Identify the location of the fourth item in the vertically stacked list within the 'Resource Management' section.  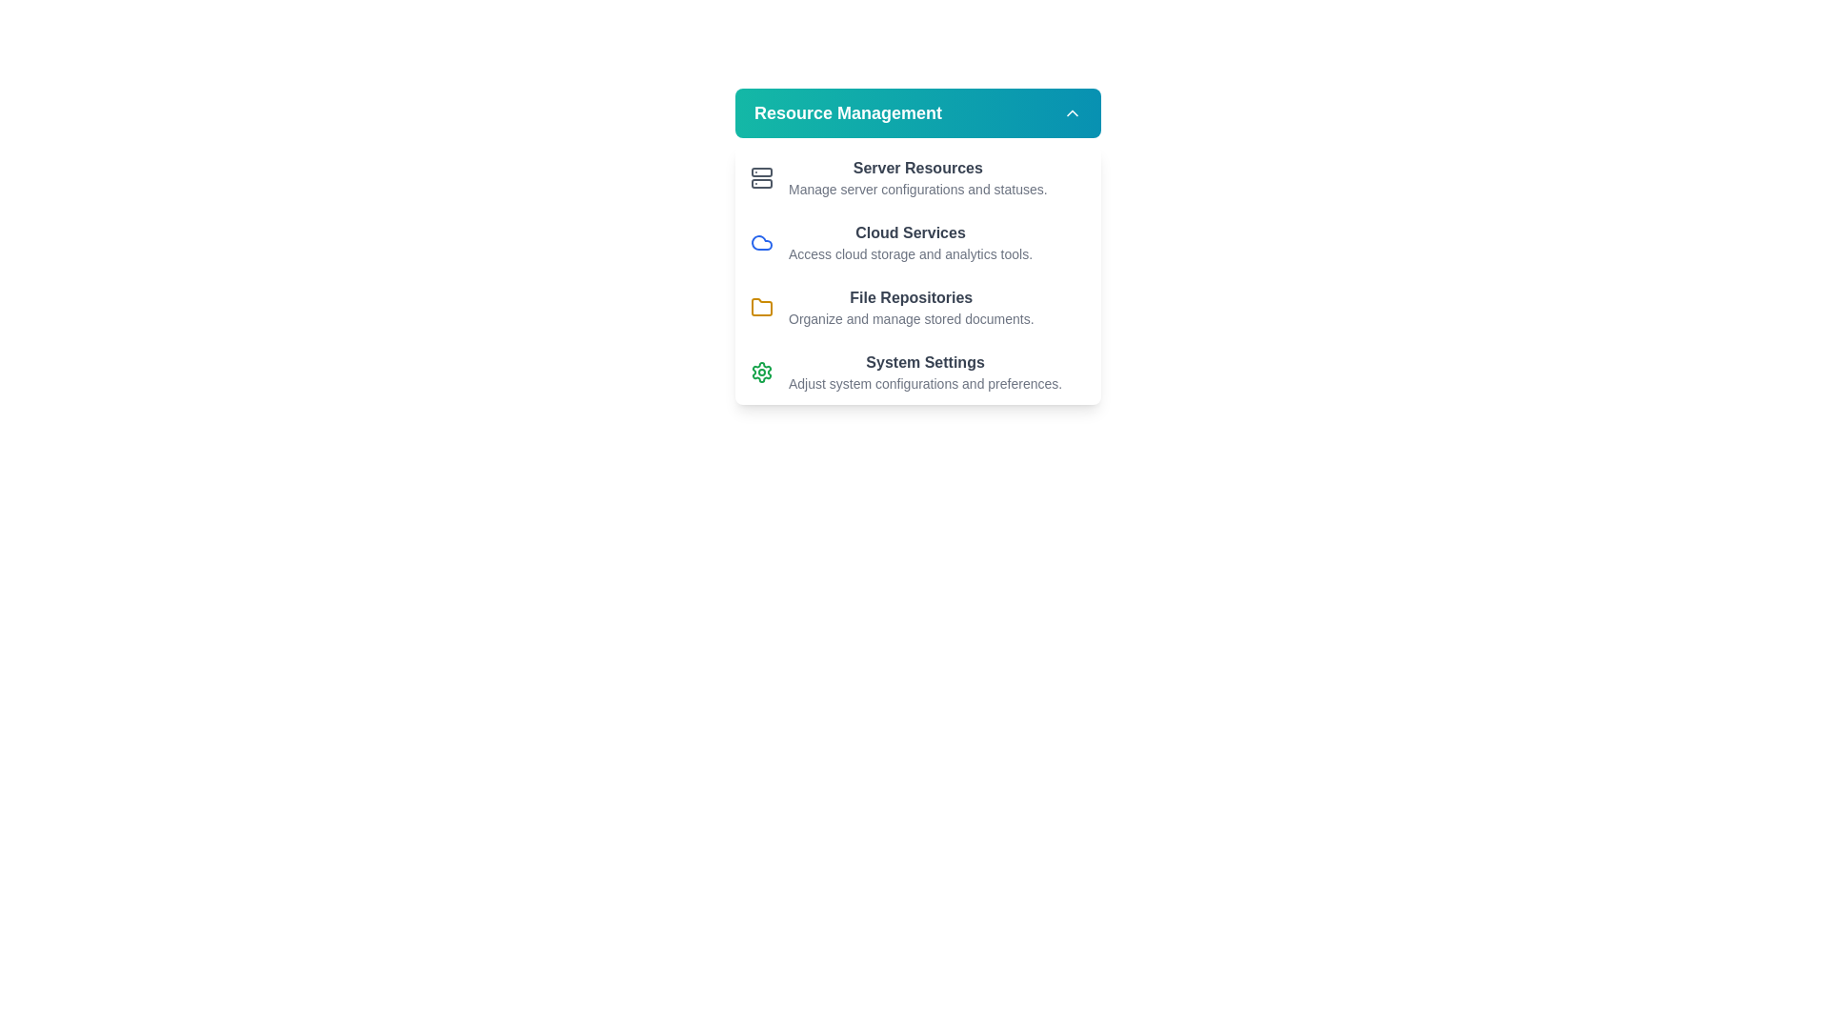
(925, 363).